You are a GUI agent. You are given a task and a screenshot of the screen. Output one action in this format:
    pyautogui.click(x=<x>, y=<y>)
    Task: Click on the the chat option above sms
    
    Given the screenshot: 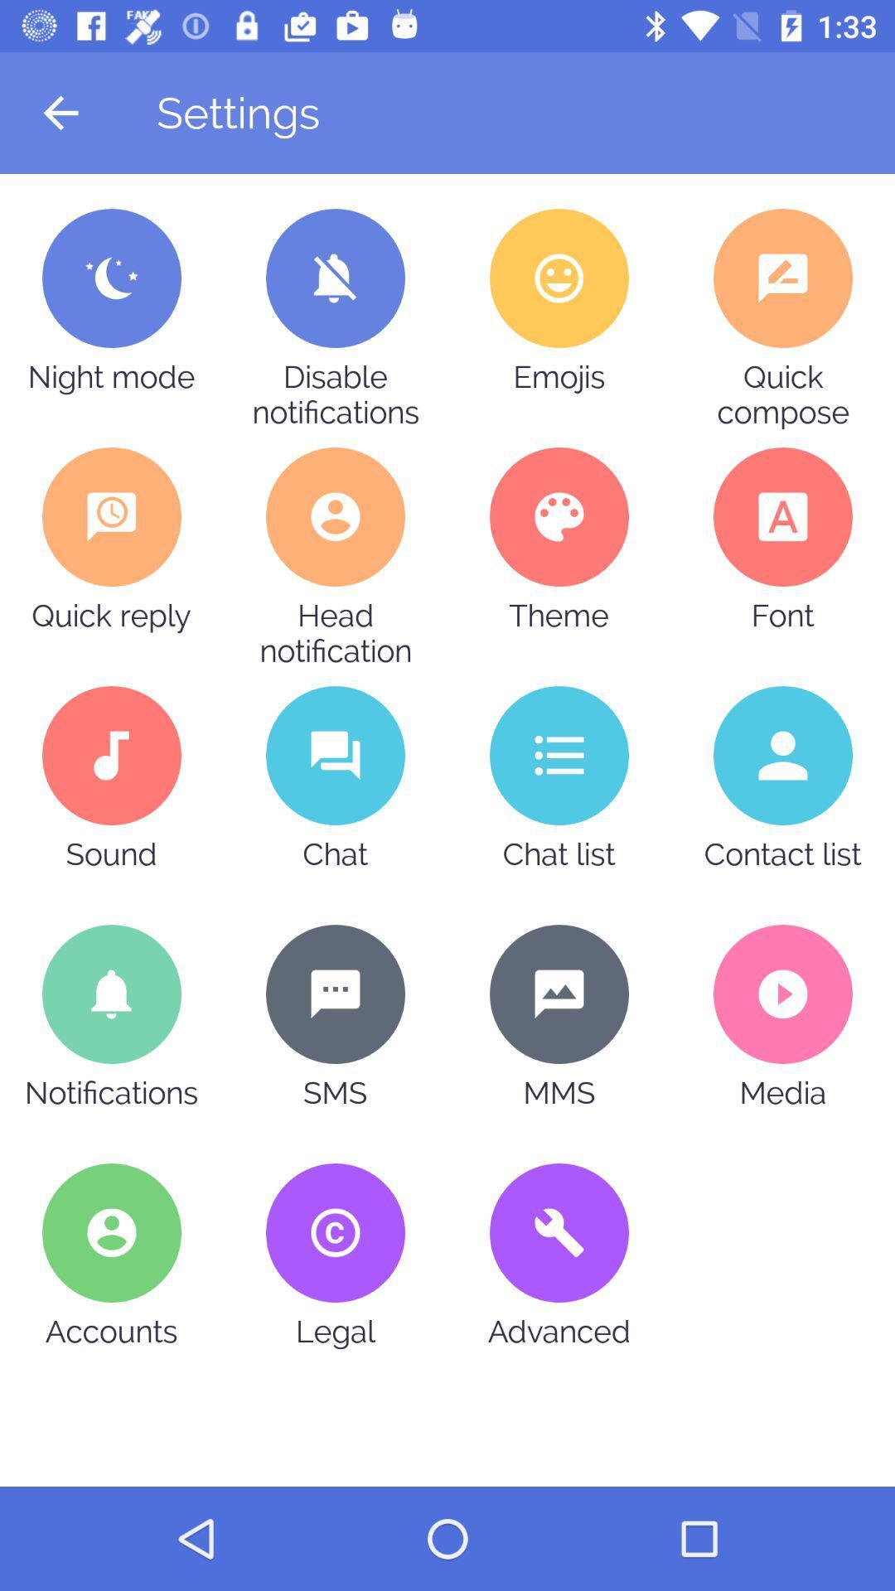 What is the action you would take?
    pyautogui.click(x=336, y=755)
    